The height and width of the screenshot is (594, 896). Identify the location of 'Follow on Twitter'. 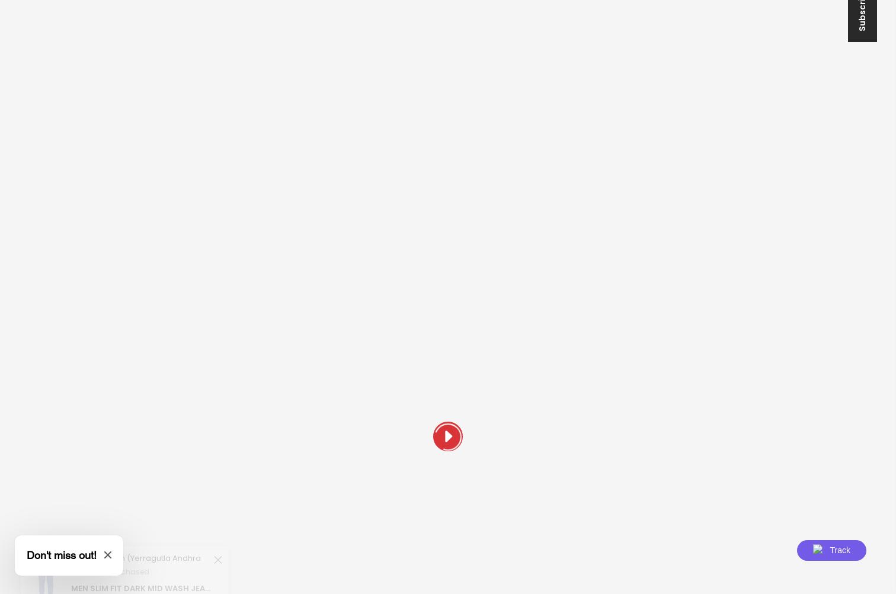
(175, 479).